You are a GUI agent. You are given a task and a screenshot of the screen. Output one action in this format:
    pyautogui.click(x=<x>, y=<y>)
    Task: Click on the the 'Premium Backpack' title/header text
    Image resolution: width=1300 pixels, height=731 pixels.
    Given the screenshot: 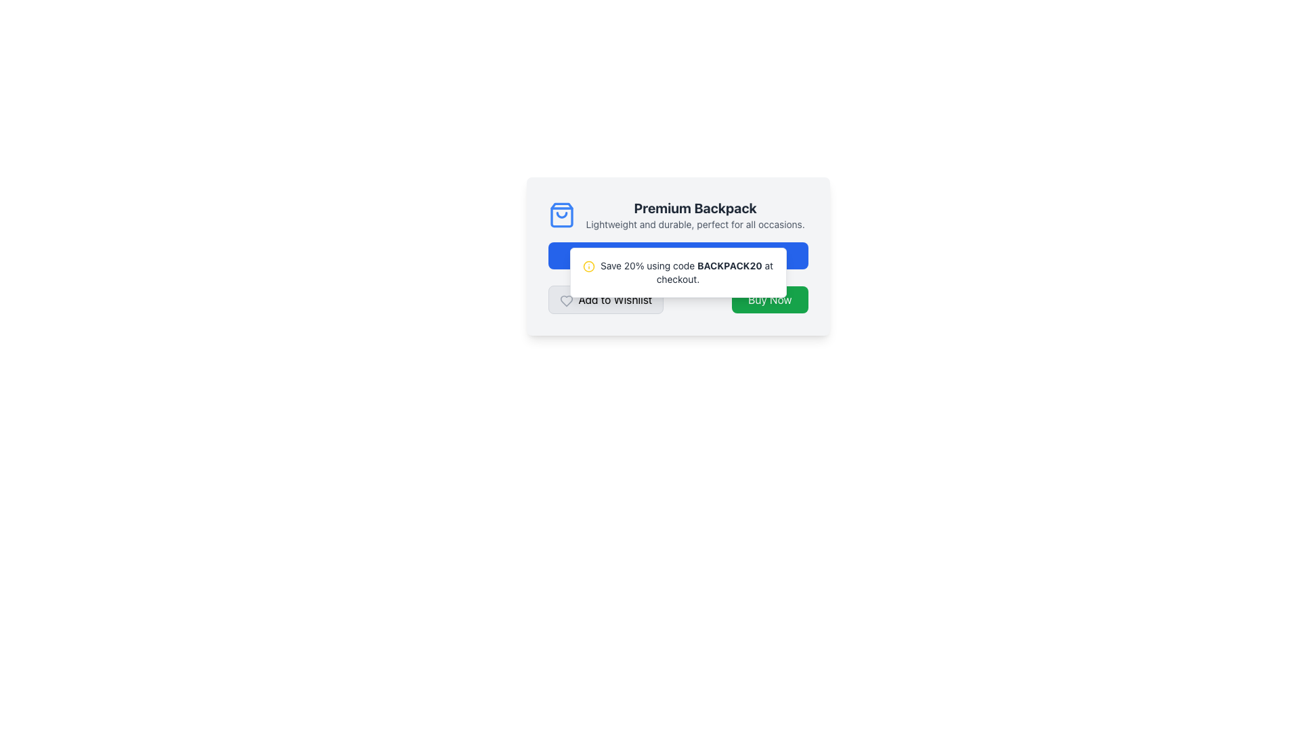 What is the action you would take?
    pyautogui.click(x=695, y=208)
    